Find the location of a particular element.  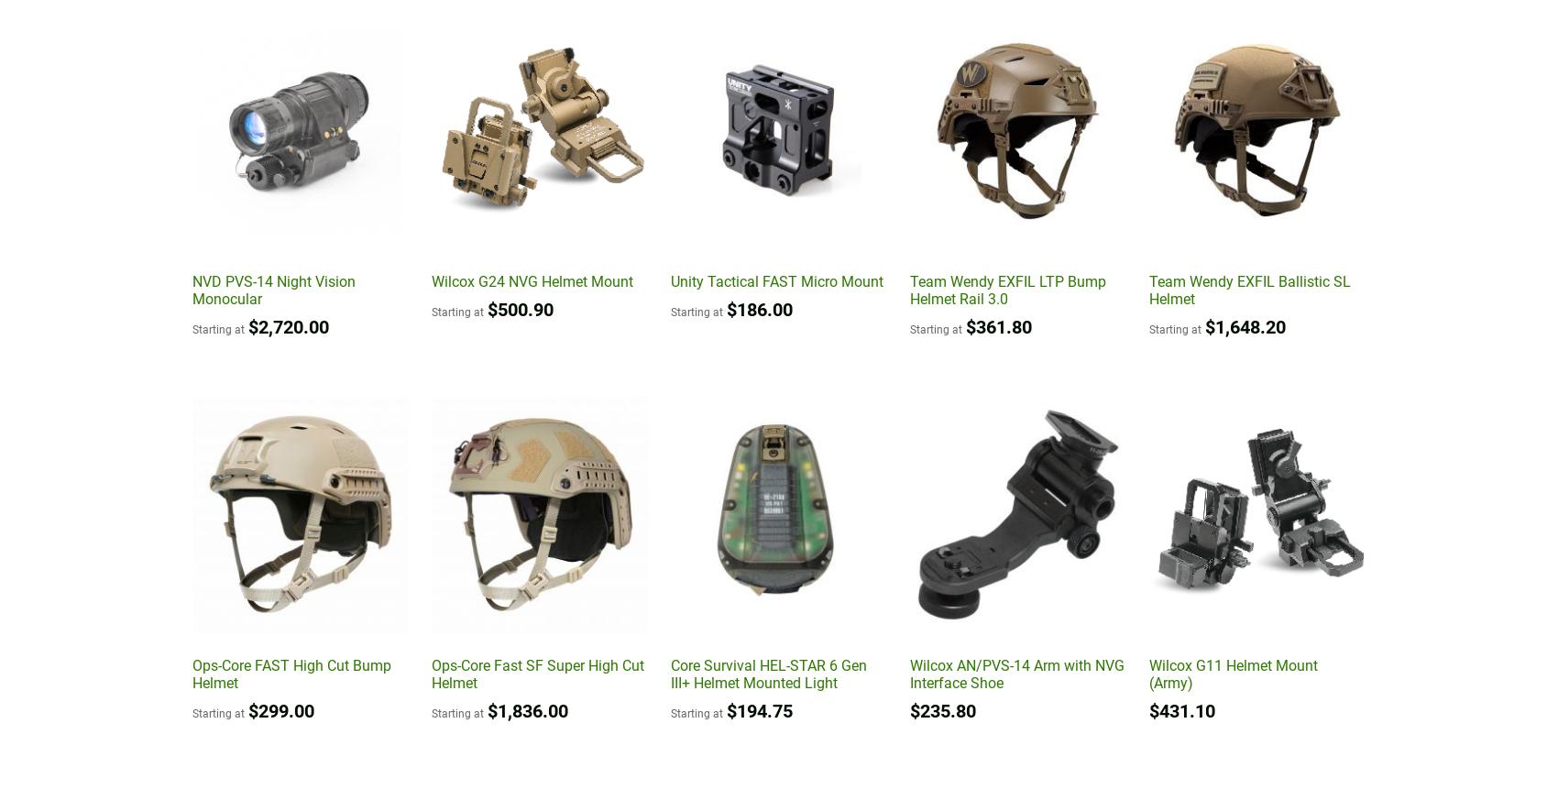

'$361.80' is located at coordinates (965, 325).